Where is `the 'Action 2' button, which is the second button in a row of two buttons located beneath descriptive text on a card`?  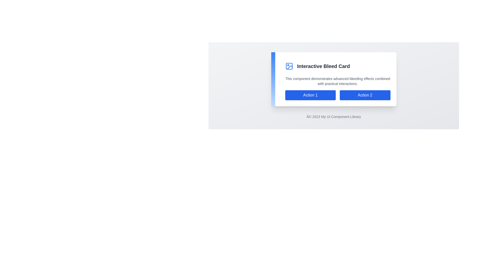
the 'Action 2' button, which is the second button in a row of two buttons located beneath descriptive text on a card is located at coordinates (365, 95).